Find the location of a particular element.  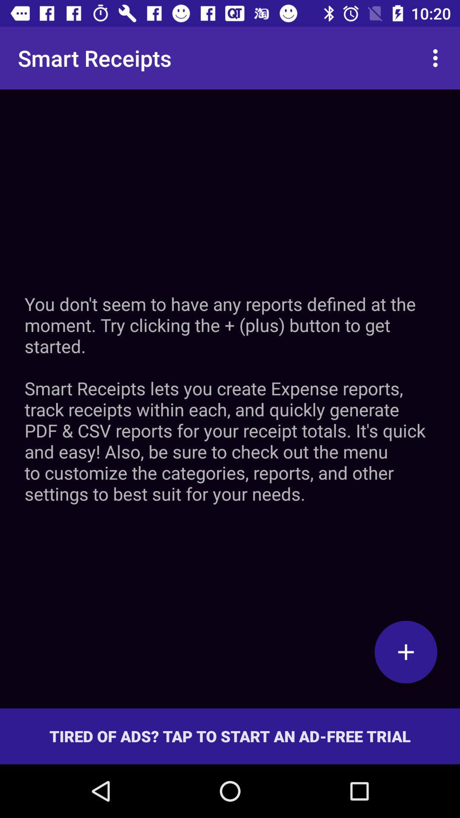

creat new the article is located at coordinates (405, 651).